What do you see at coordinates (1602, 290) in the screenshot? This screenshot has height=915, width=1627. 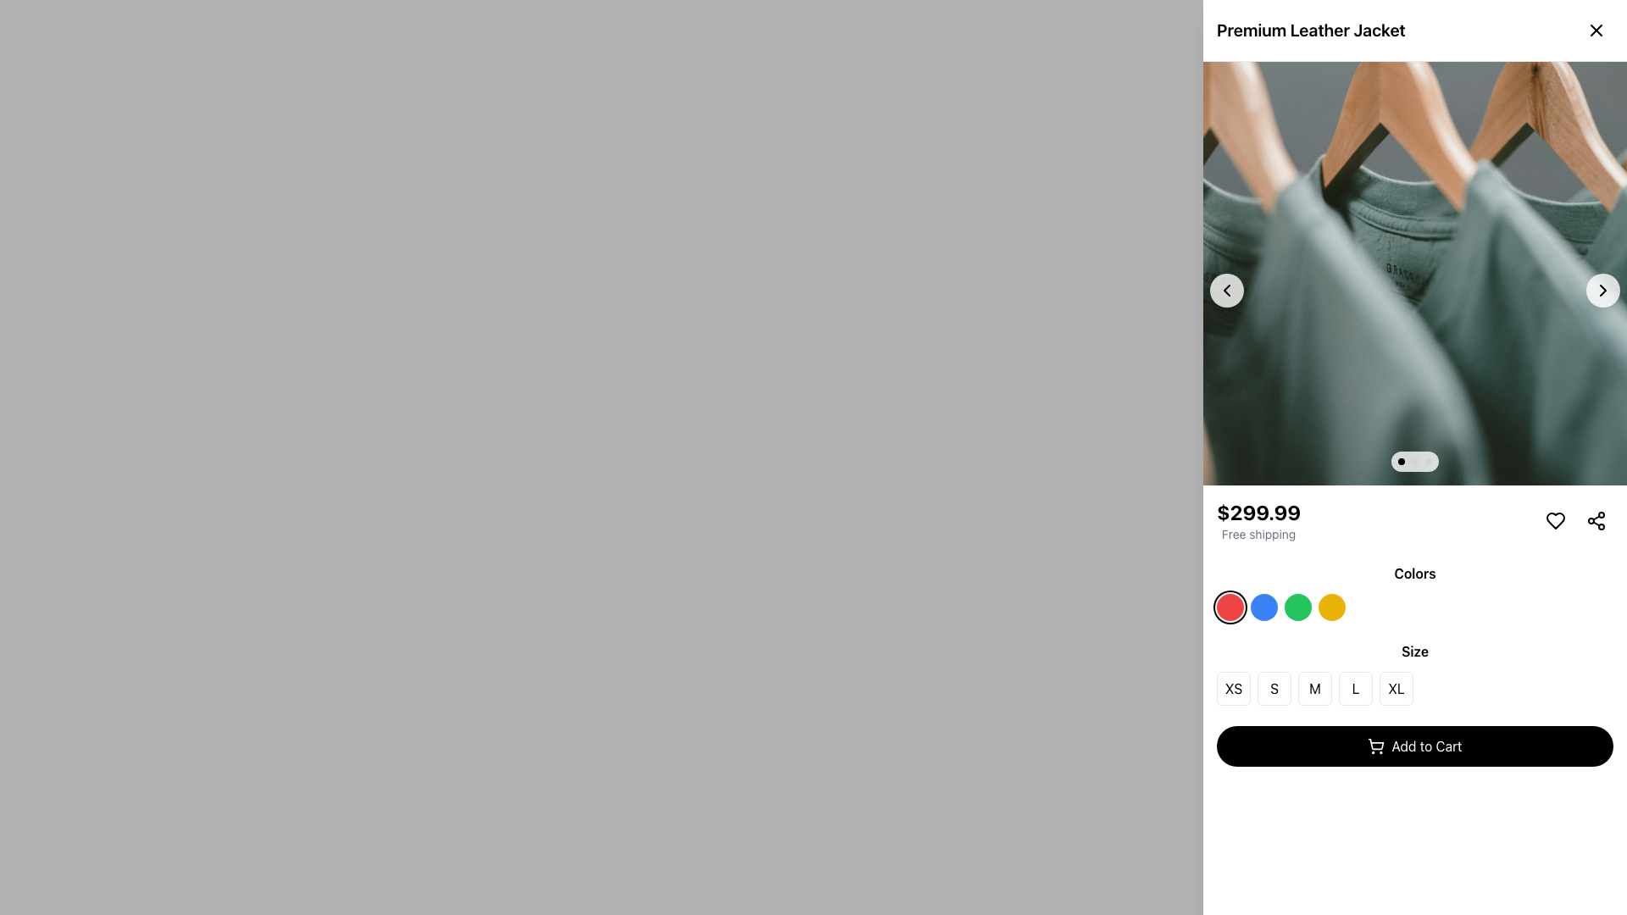 I see `the 'Next' IconButton located at the top-right region of the image` at bounding box center [1602, 290].